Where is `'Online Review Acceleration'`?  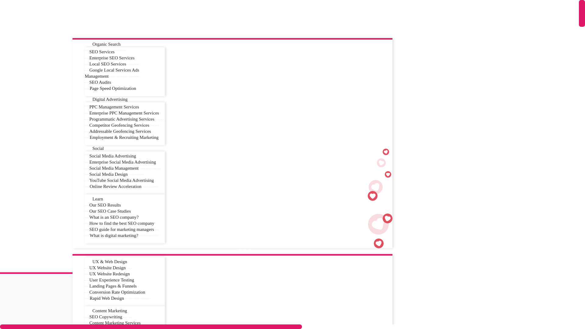
'Online Review Acceleration' is located at coordinates (115, 186).